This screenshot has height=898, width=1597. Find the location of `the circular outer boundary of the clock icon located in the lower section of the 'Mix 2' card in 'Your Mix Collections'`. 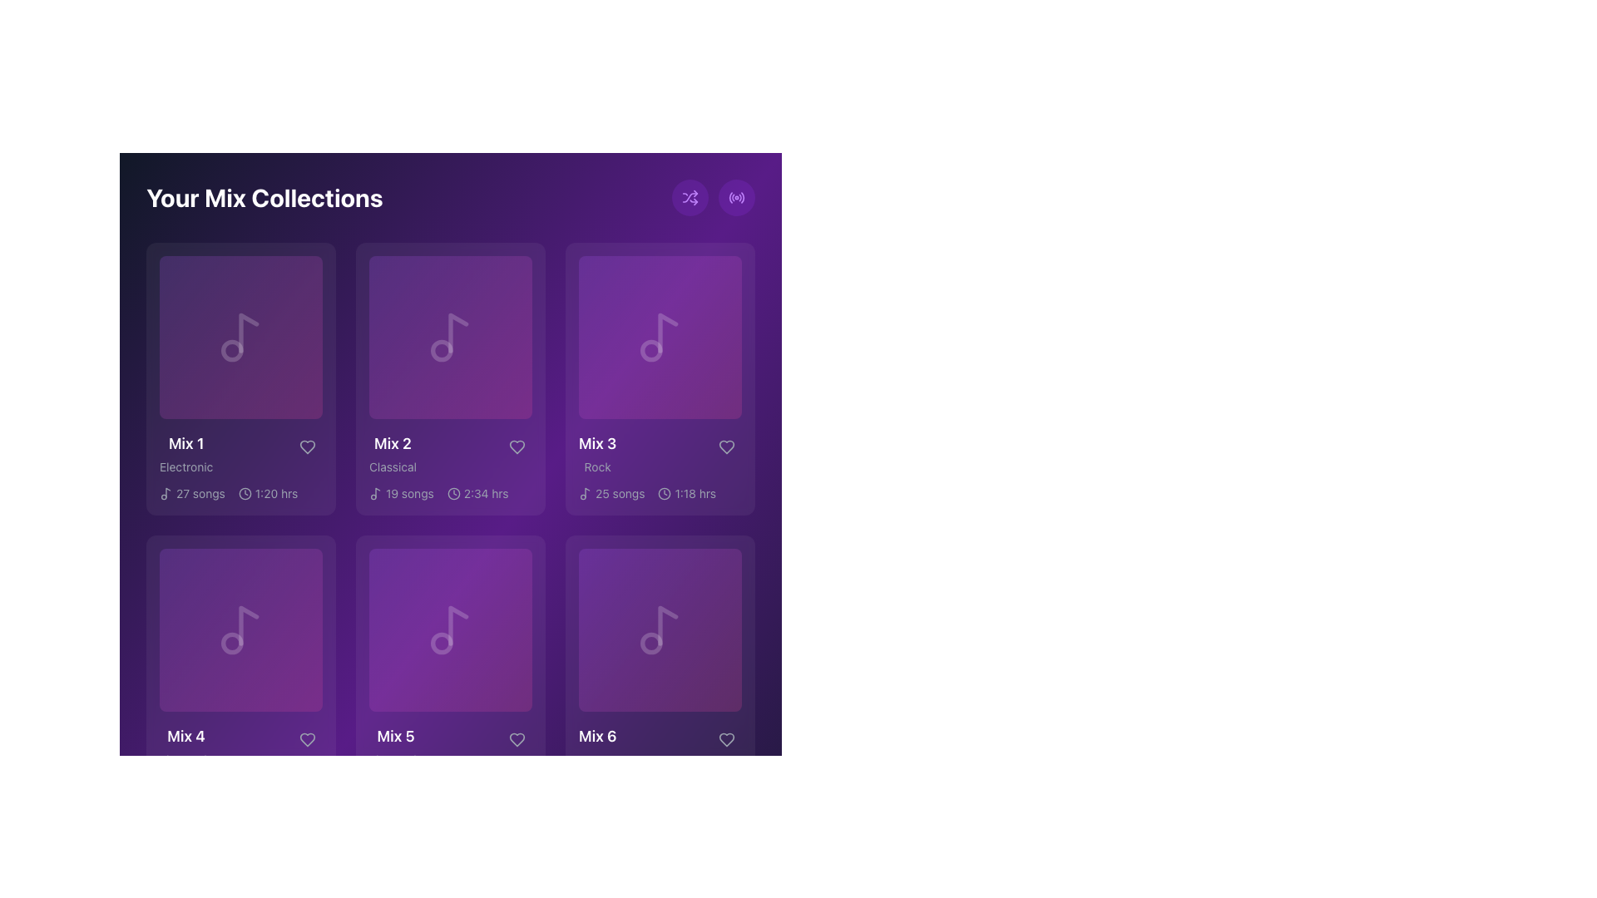

the circular outer boundary of the clock icon located in the lower section of the 'Mix 2' card in 'Your Mix Collections' is located at coordinates (453, 493).